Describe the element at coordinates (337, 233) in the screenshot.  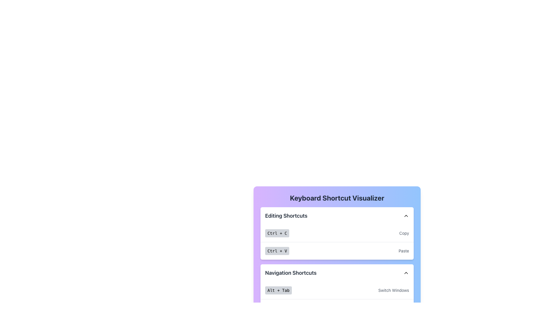
I see `'Editing Shortcuts' card, which is a white rectangular card with rounded corners and a chevron arrow icon, located within the 'Keyboard Shortcut Visualizer' section` at that location.